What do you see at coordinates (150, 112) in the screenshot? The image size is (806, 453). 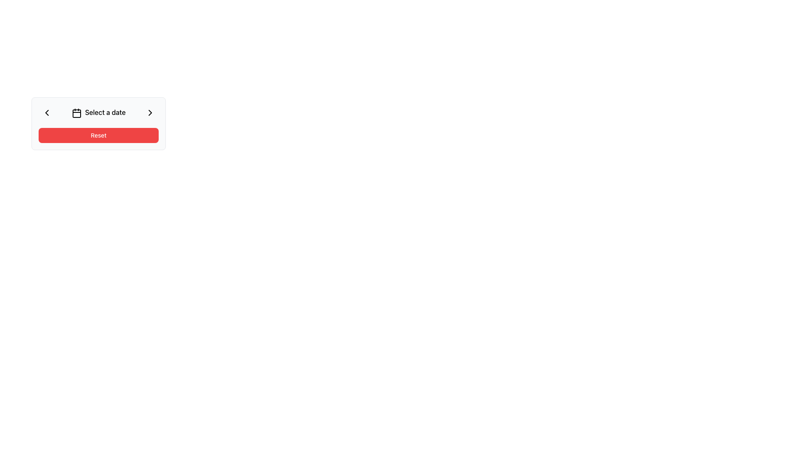 I see `the small right-pointing chevron icon in the top-right corner of the date selection area to interact with it` at bounding box center [150, 112].